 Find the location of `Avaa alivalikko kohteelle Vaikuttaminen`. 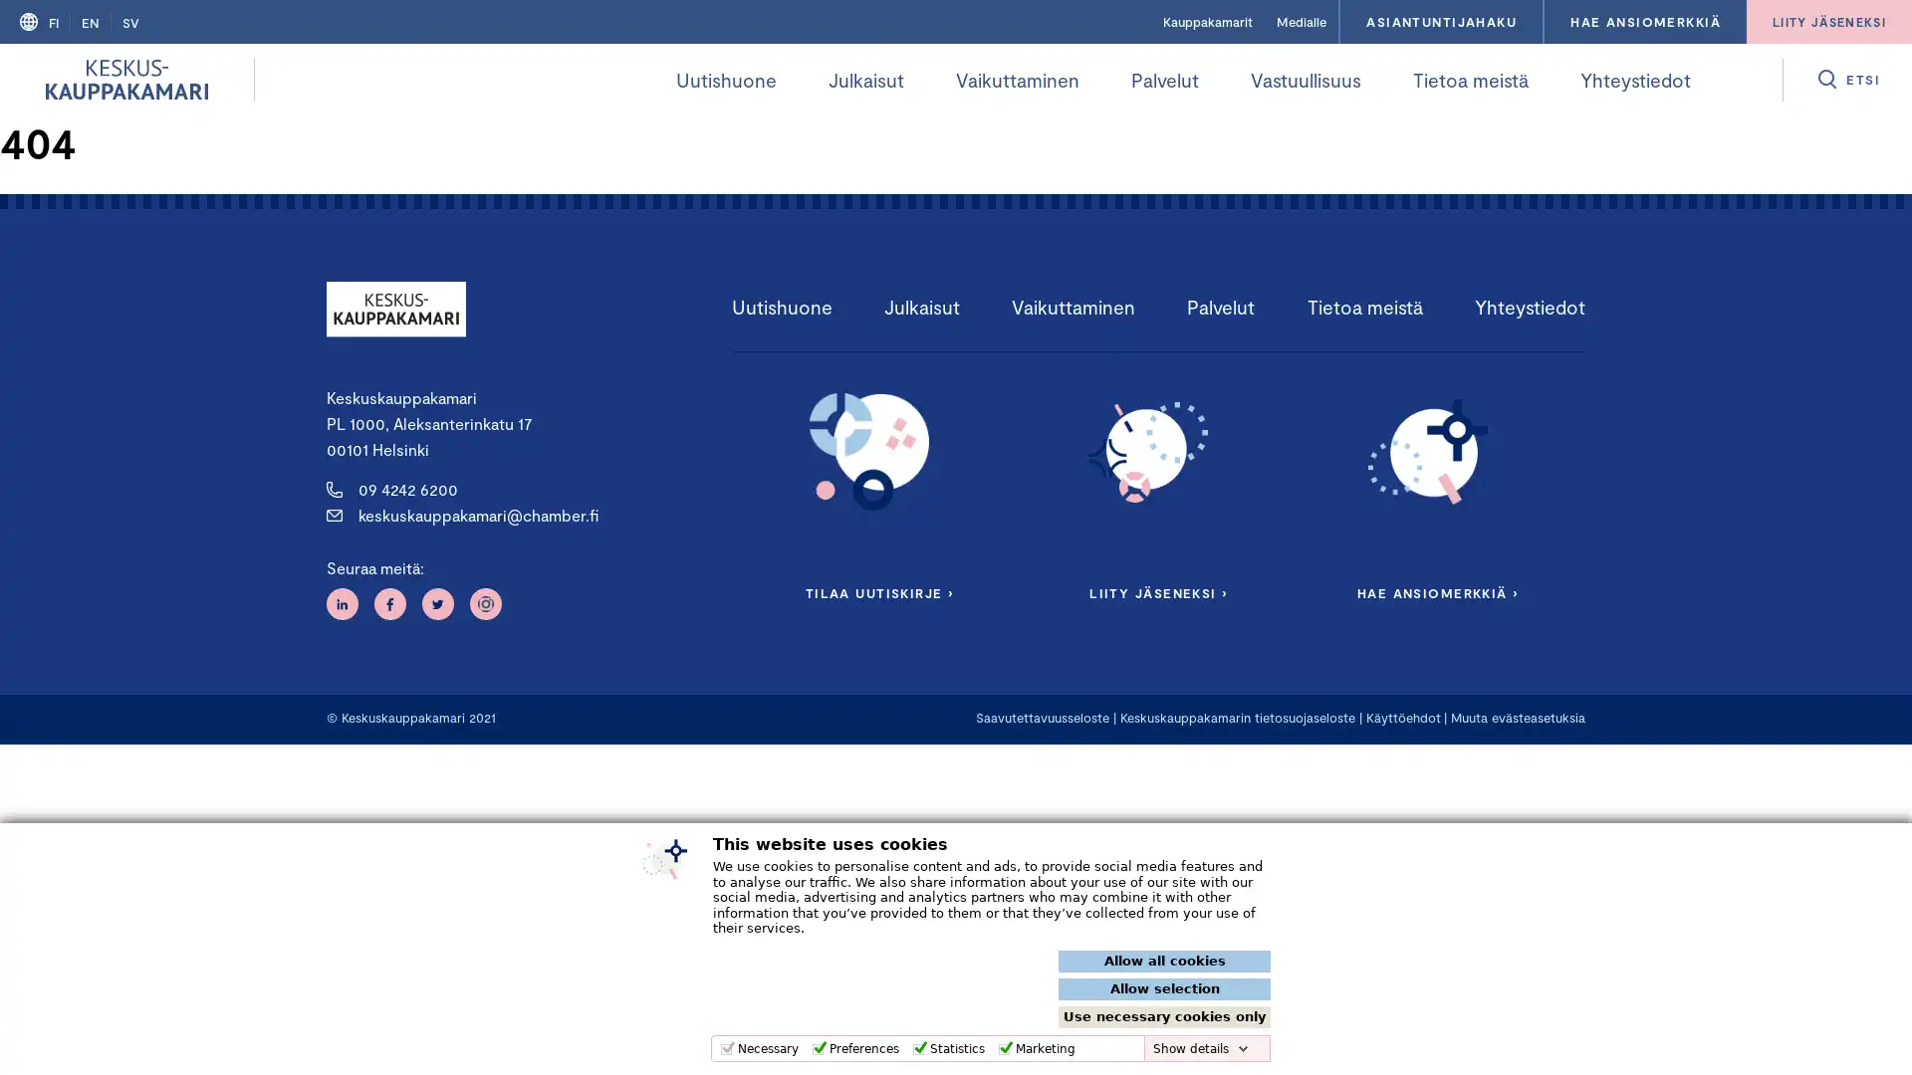

Avaa alivalikko kohteelle Vaikuttaminen is located at coordinates (1096, 96).